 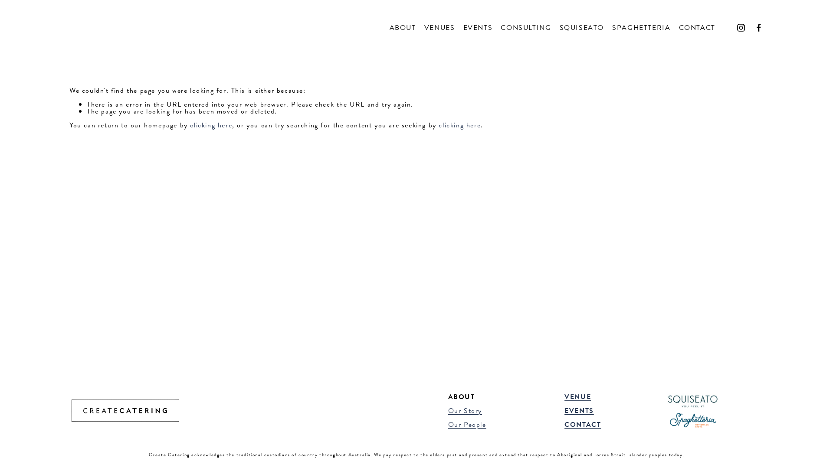 What do you see at coordinates (579, 410) in the screenshot?
I see `'EVENTS'` at bounding box center [579, 410].